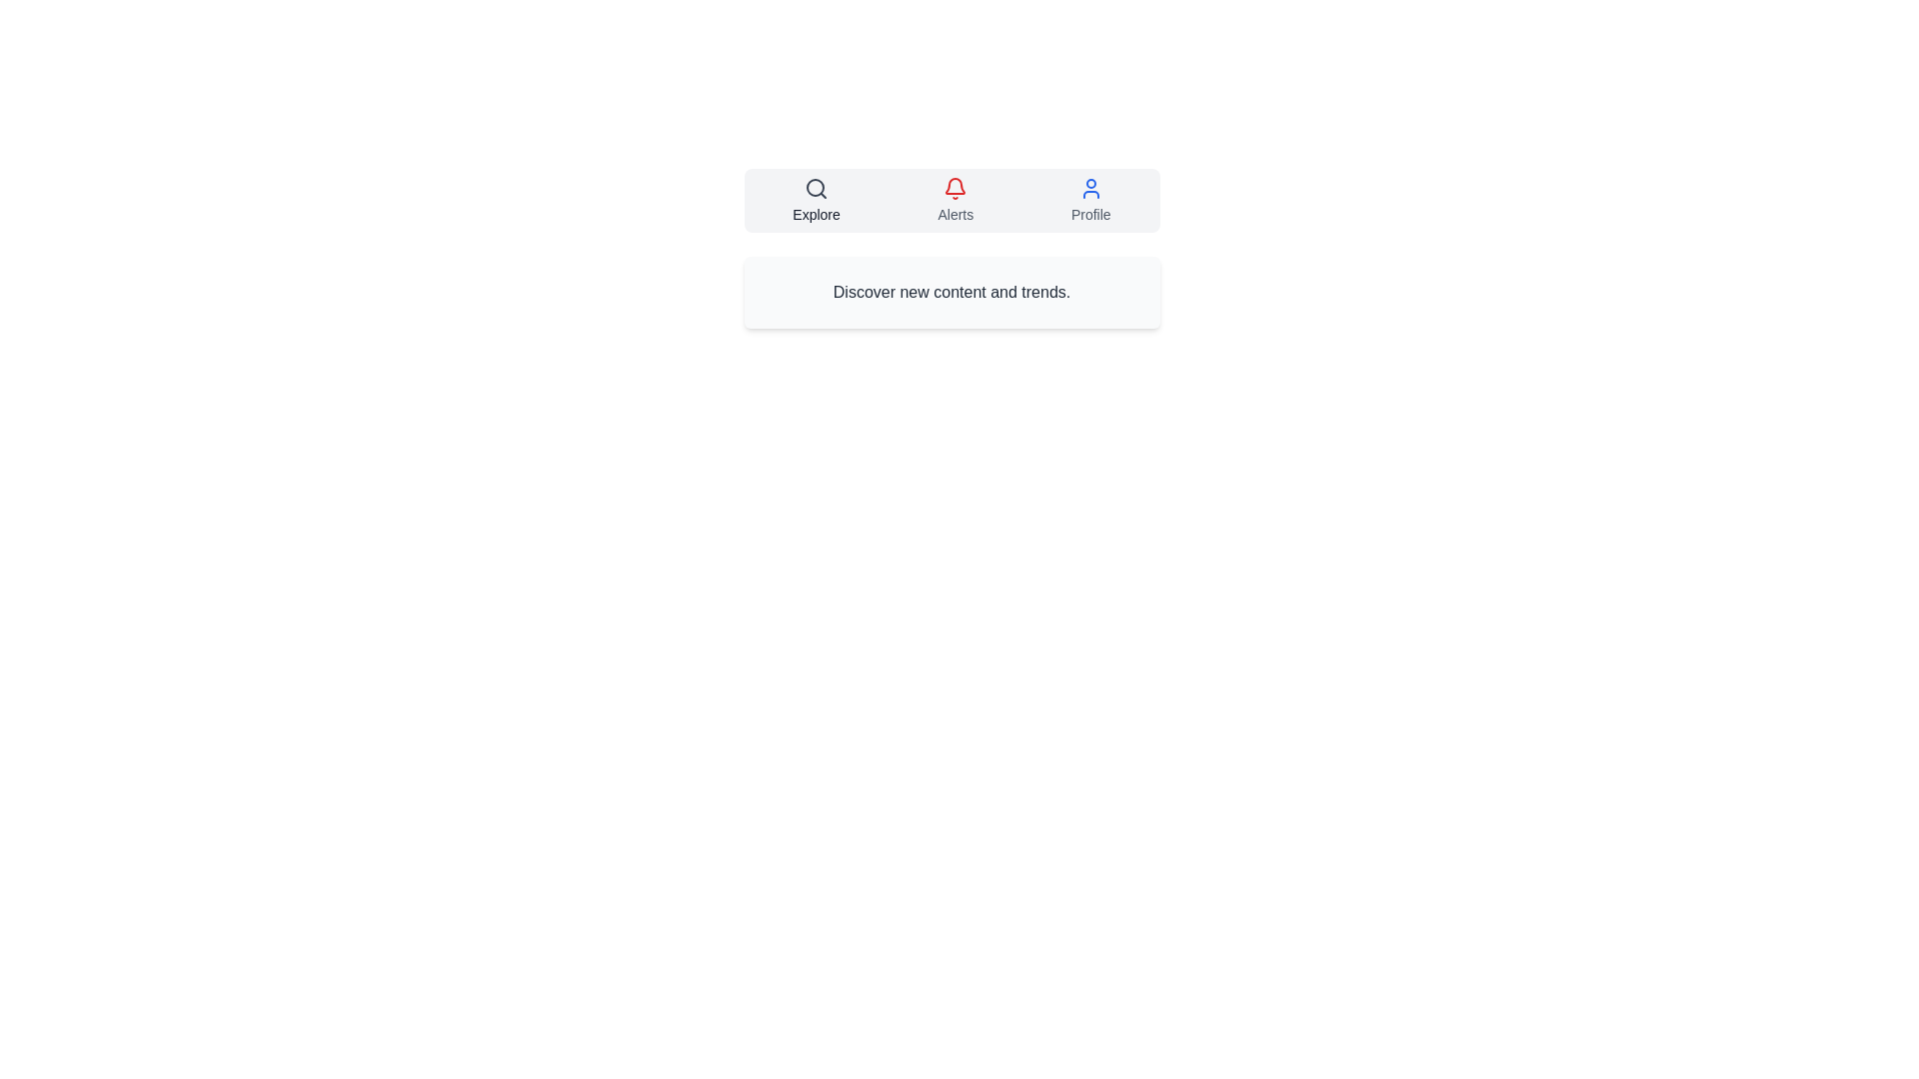 The image size is (1919, 1079). What do you see at coordinates (955, 200) in the screenshot?
I see `the tab with label Alerts` at bounding box center [955, 200].